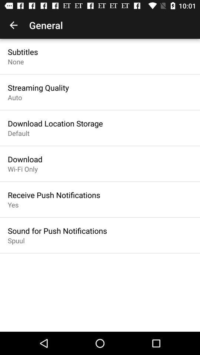 The width and height of the screenshot is (200, 355). What do you see at coordinates (57, 230) in the screenshot?
I see `icon below the yes icon` at bounding box center [57, 230].